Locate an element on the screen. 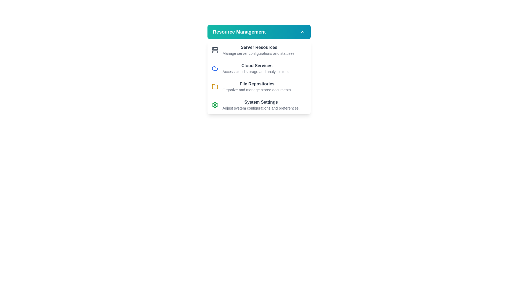 The image size is (516, 290). the gear-like icon representing settings in the 'Resource Management' dropdown menu is located at coordinates (215, 105).